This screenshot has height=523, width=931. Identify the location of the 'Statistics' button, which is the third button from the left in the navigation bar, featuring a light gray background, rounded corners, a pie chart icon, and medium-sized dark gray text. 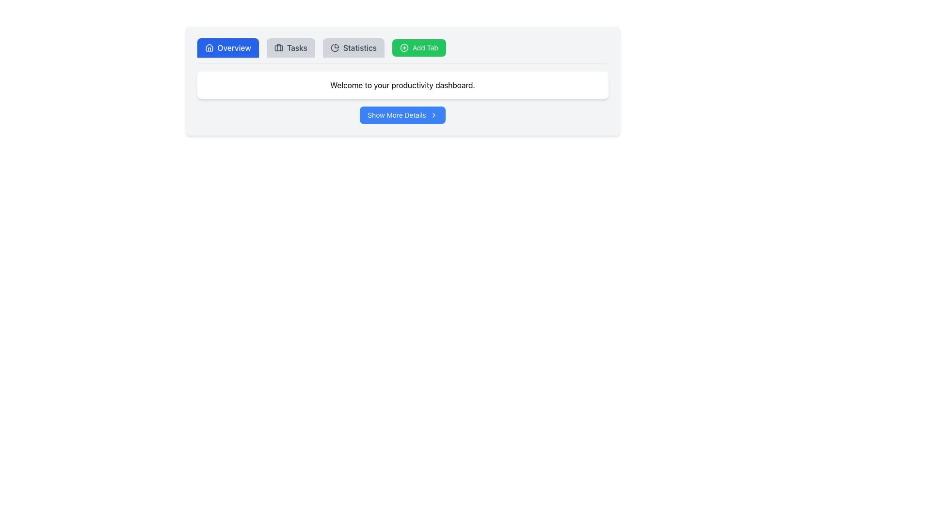
(353, 48).